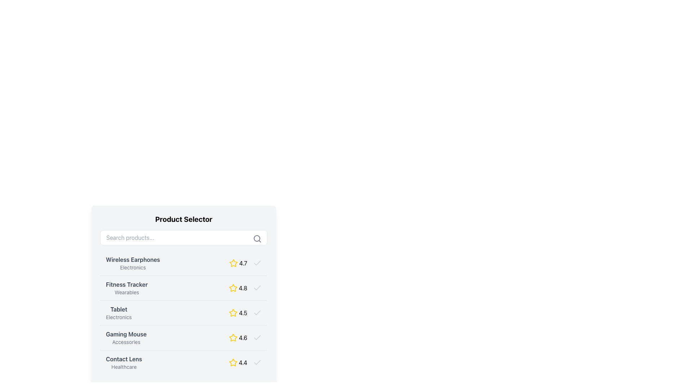  What do you see at coordinates (233, 287) in the screenshot?
I see `the visual representation of the yellow star icon indicating the rating for the 'Fitness Tracker' product, located next to the rating value '4.8'` at bounding box center [233, 287].